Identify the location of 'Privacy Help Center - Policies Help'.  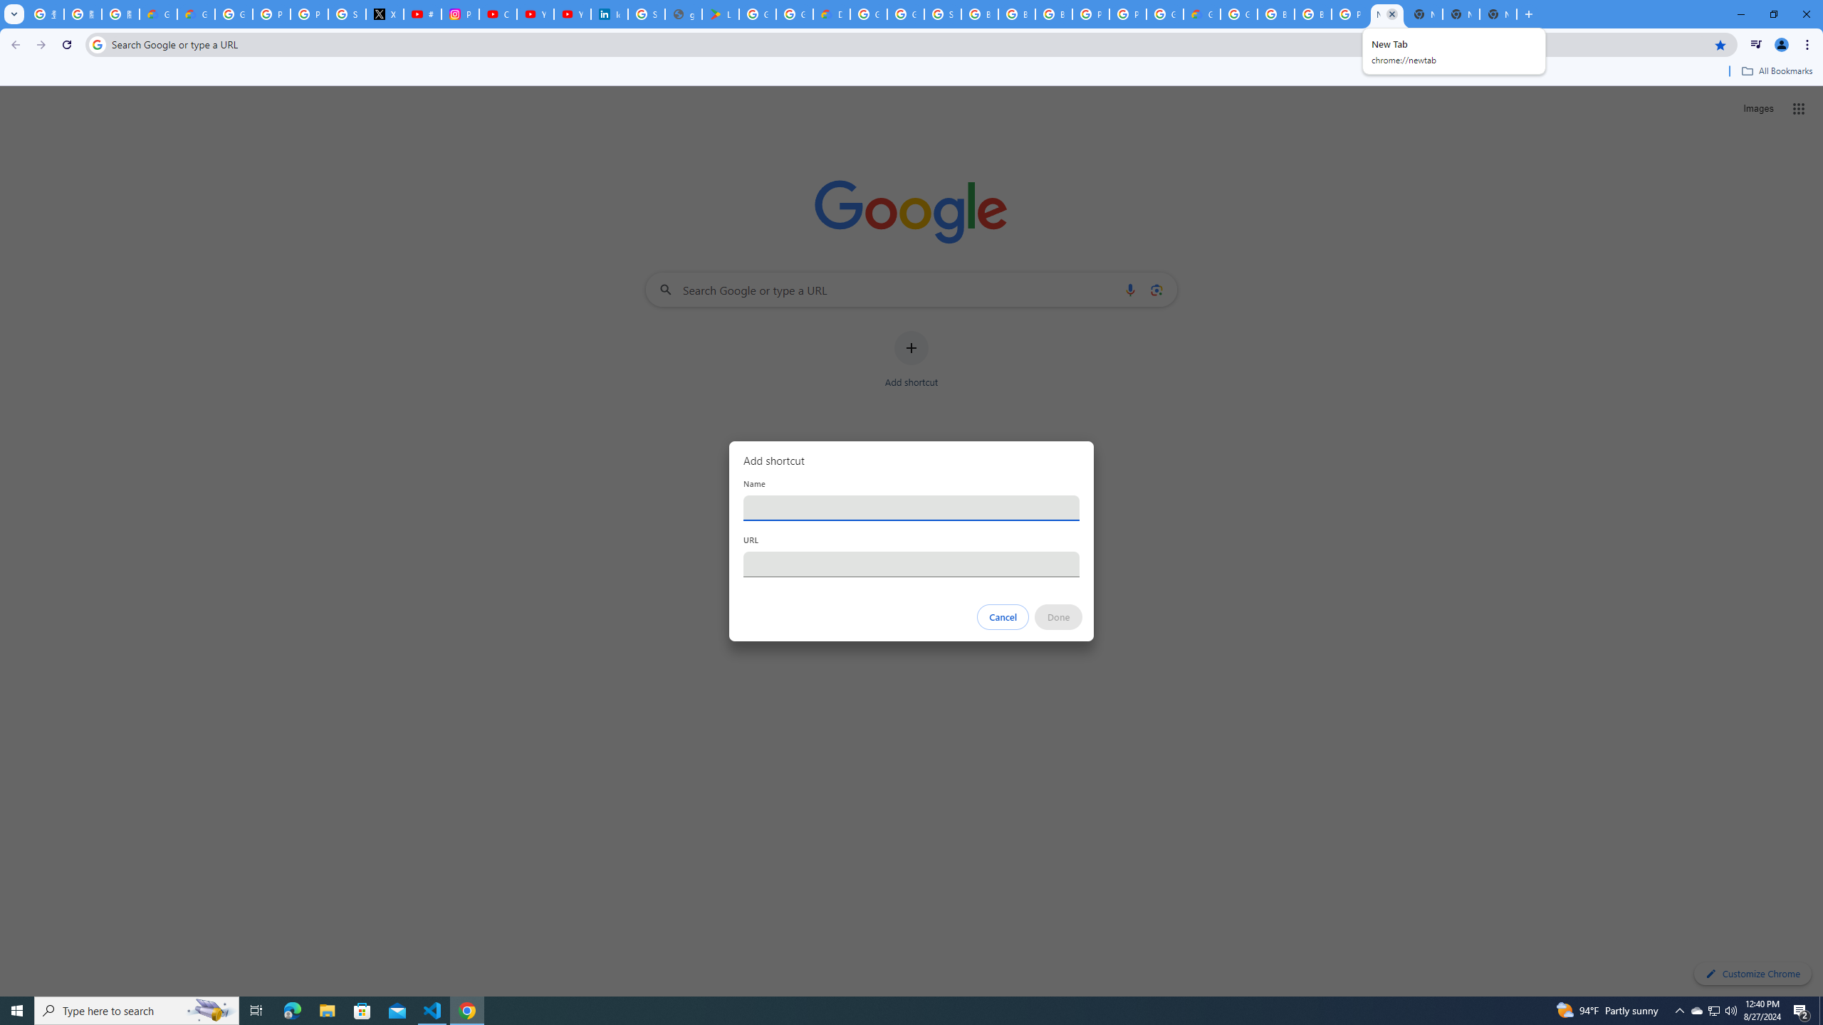
(310, 14).